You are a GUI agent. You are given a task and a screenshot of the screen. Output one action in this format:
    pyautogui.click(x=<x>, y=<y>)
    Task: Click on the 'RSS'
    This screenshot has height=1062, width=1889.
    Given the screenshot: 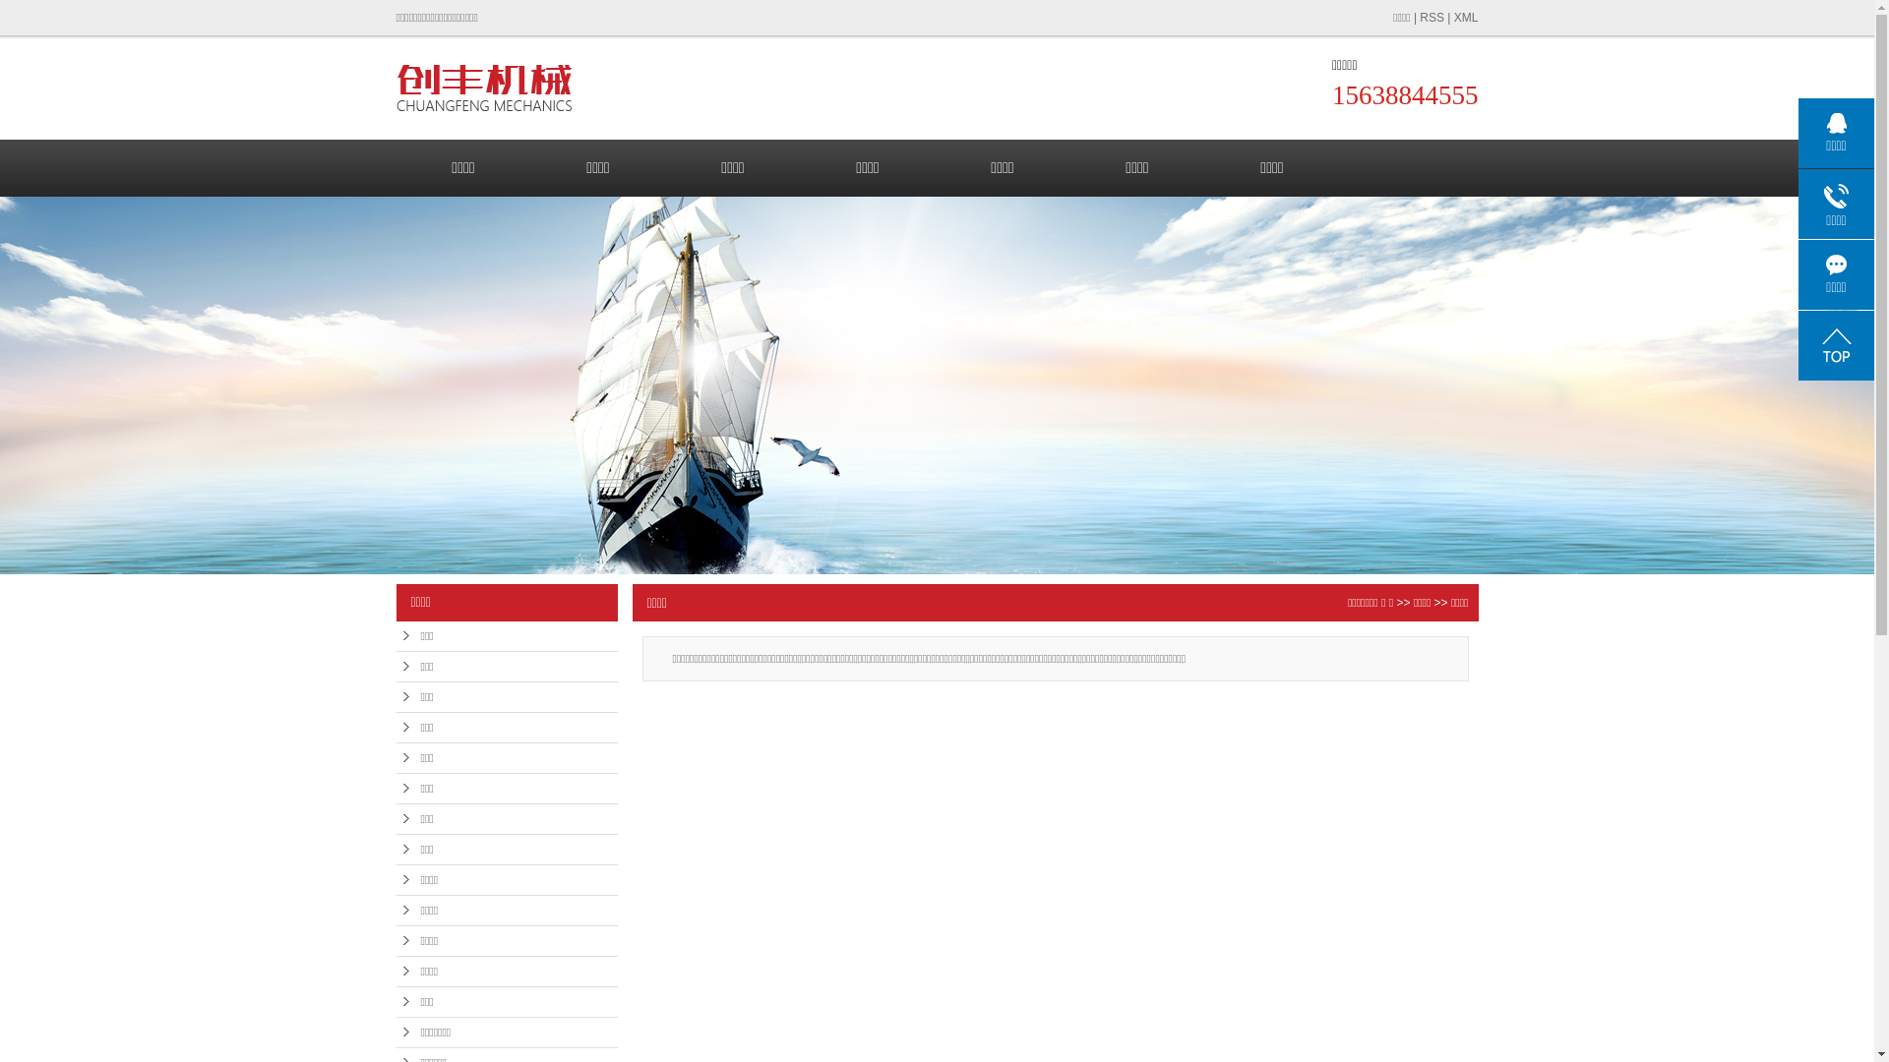 What is the action you would take?
    pyautogui.click(x=1432, y=18)
    